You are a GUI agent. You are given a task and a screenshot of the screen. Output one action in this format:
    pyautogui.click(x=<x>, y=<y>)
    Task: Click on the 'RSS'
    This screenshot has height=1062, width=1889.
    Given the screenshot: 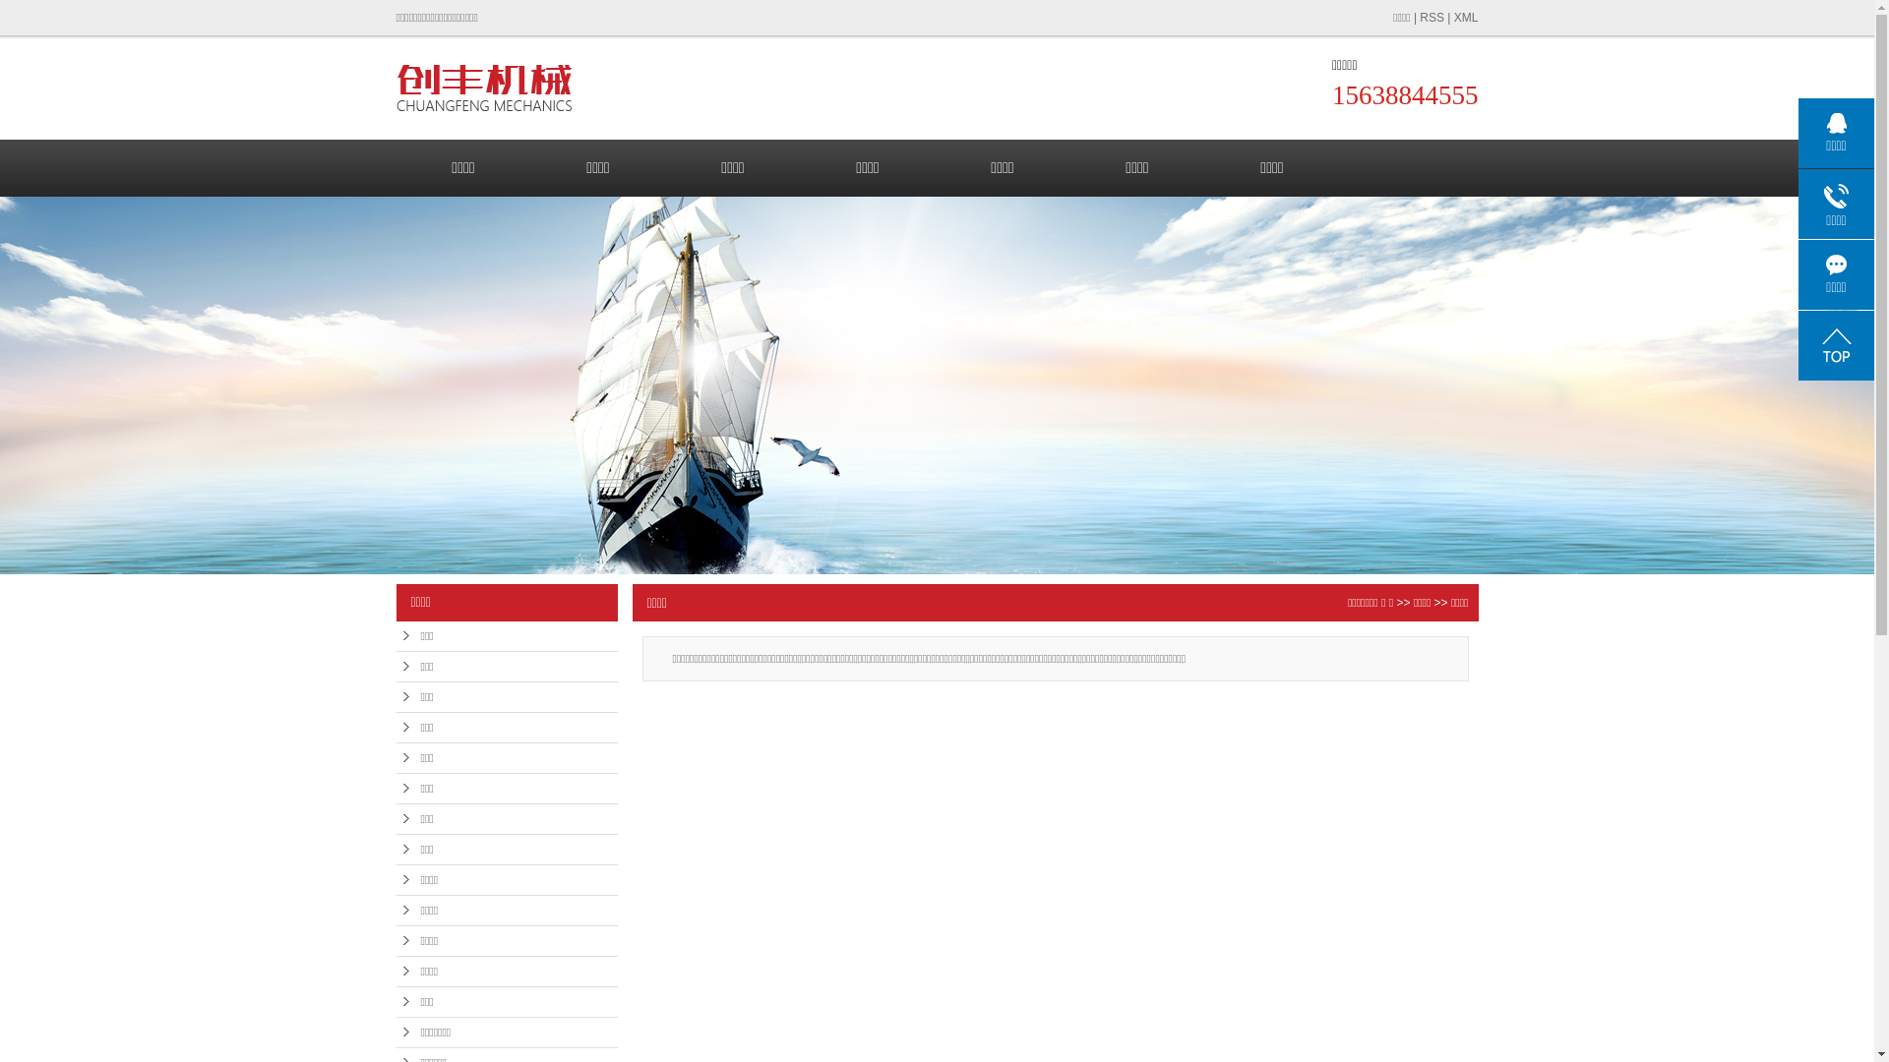 What is the action you would take?
    pyautogui.click(x=1432, y=18)
    